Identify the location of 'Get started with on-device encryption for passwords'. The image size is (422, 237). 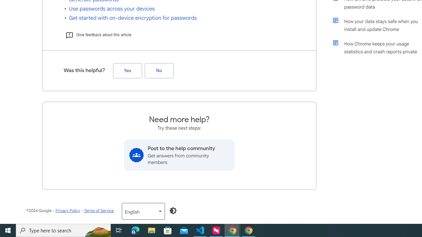
(132, 17).